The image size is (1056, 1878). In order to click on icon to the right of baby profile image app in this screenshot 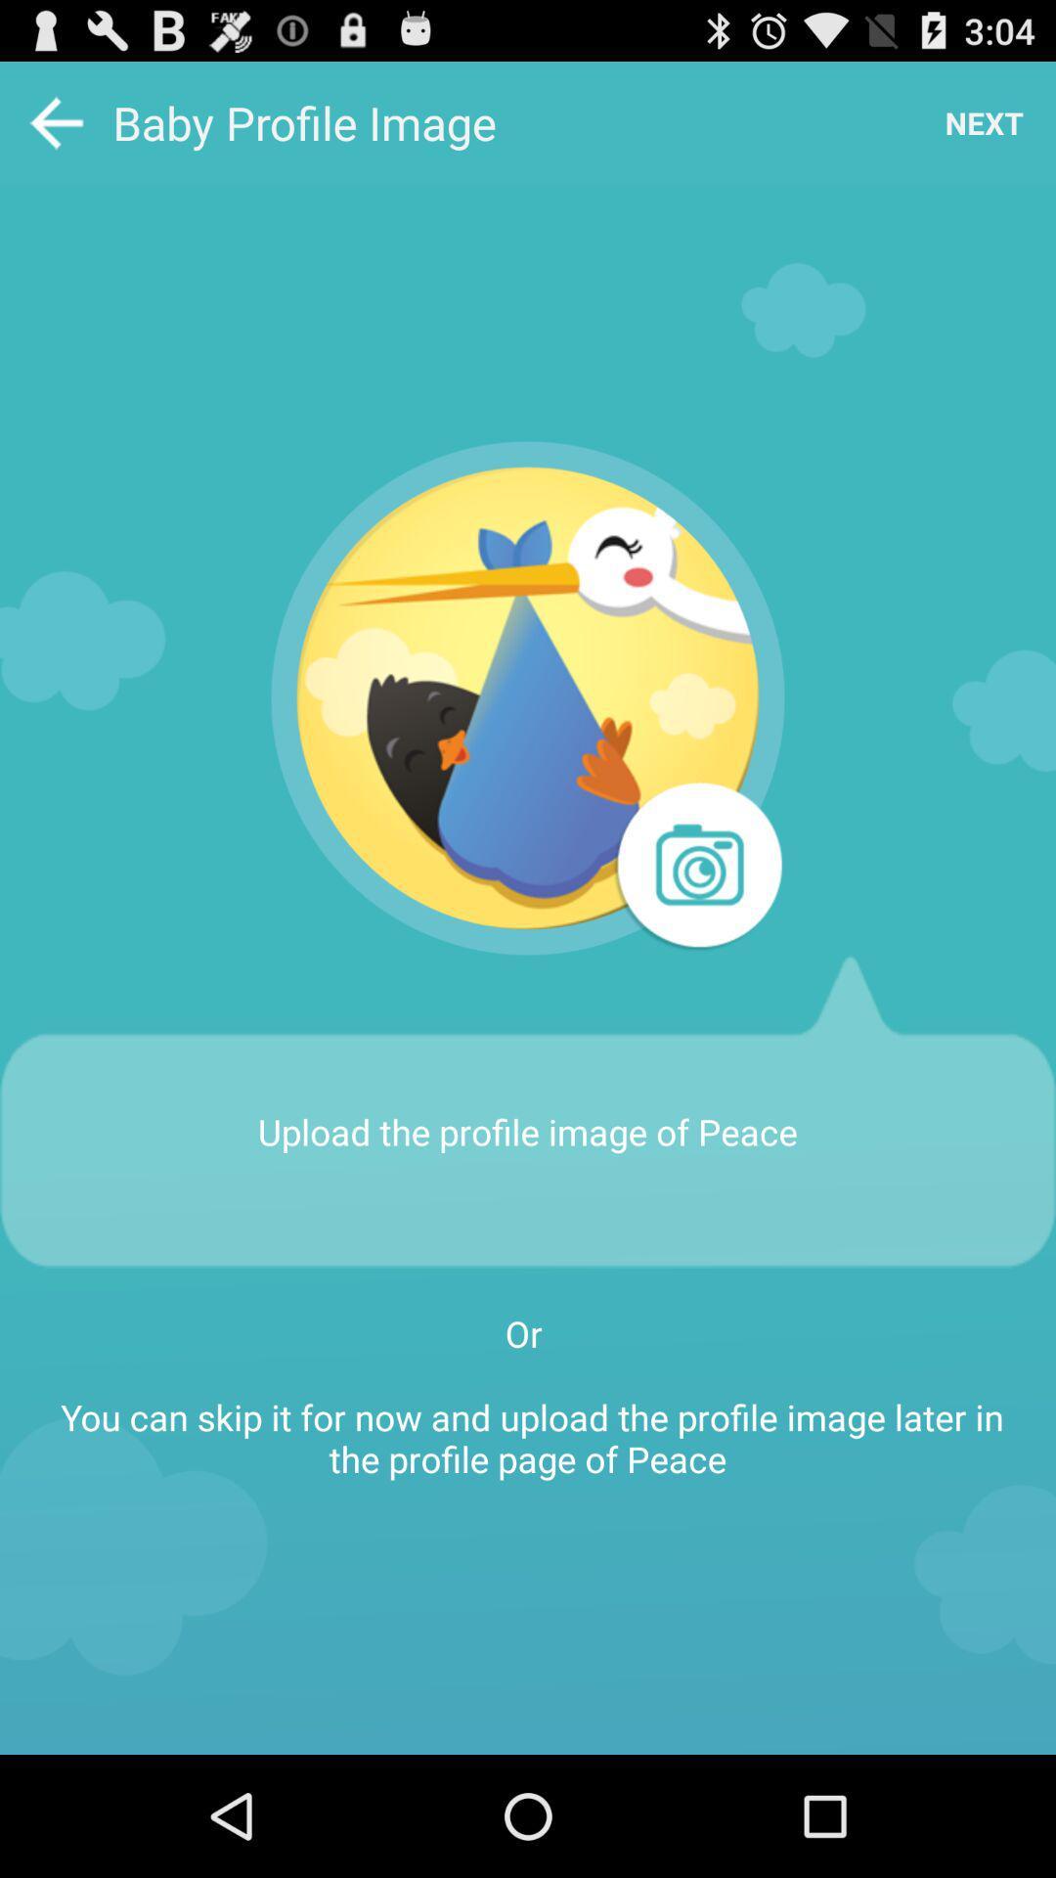, I will do `click(984, 121)`.